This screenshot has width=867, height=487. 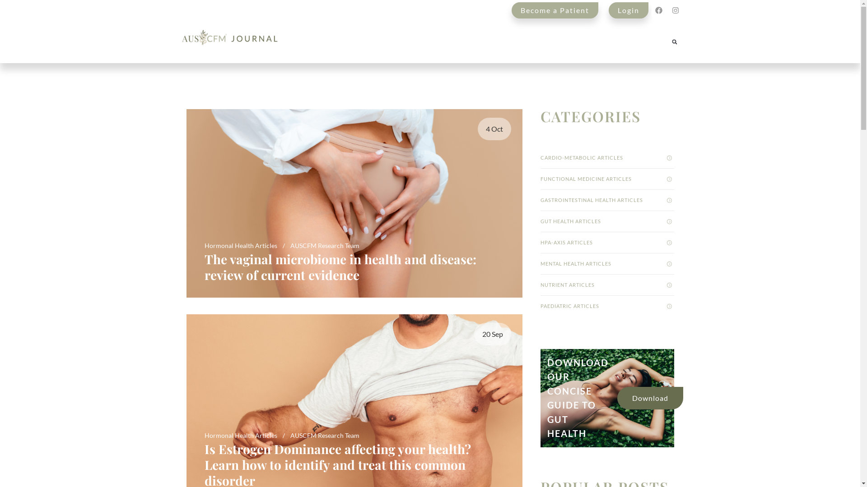 I want to click on 'MENTAL HEALTH ARTICLES', so click(x=607, y=264).